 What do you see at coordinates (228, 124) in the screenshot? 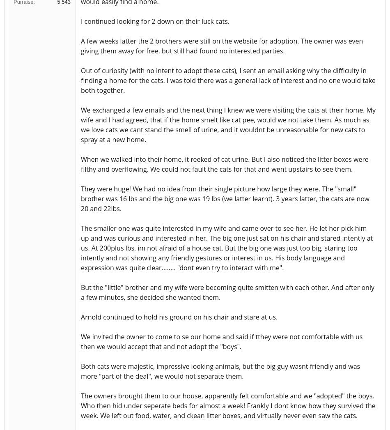
I see `'We exchanged a few emails and the next thing I knew we were visiting the cats at their home. My wife and I had agreed, that if the home smelt like cat pee, would we not take them. As much as we love cats we cant stand the smell of urine, and it wouldnt be unreasonable for new cats to spray at a new home.'` at bounding box center [228, 124].